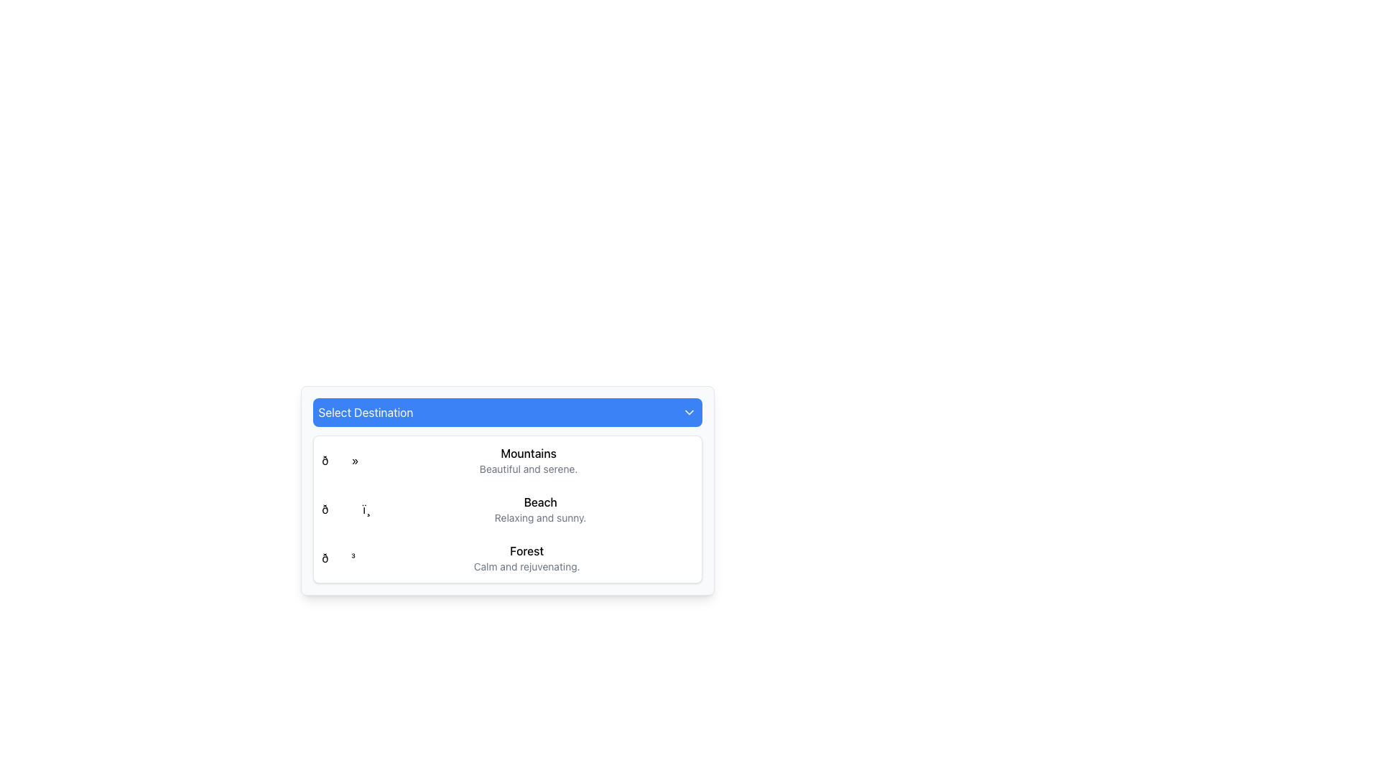 This screenshot has width=1379, height=775. Describe the element at coordinates (539, 517) in the screenshot. I see `descriptive detail about the 'Beach' option located in the dropdown menu, positioned below the 'Beach' label and above the 'Forest' item` at that location.